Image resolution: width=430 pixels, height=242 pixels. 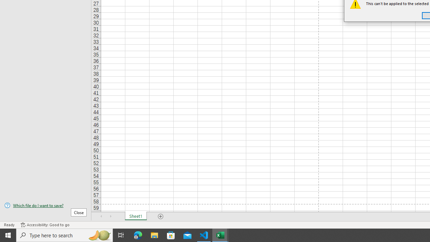 I want to click on 'File Explorer', so click(x=154, y=235).